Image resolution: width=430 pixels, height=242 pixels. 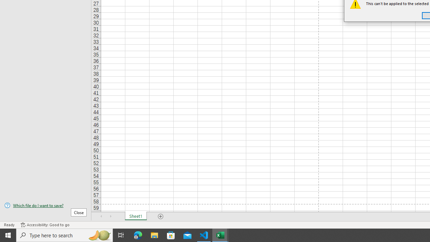 I want to click on 'File Explorer', so click(x=154, y=235).